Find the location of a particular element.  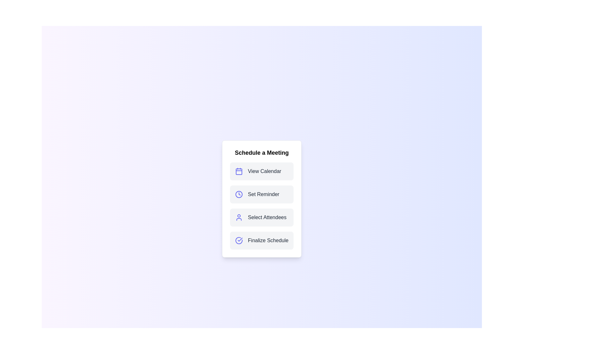

the Set Reminder menu option to trigger its action is located at coordinates (262, 194).